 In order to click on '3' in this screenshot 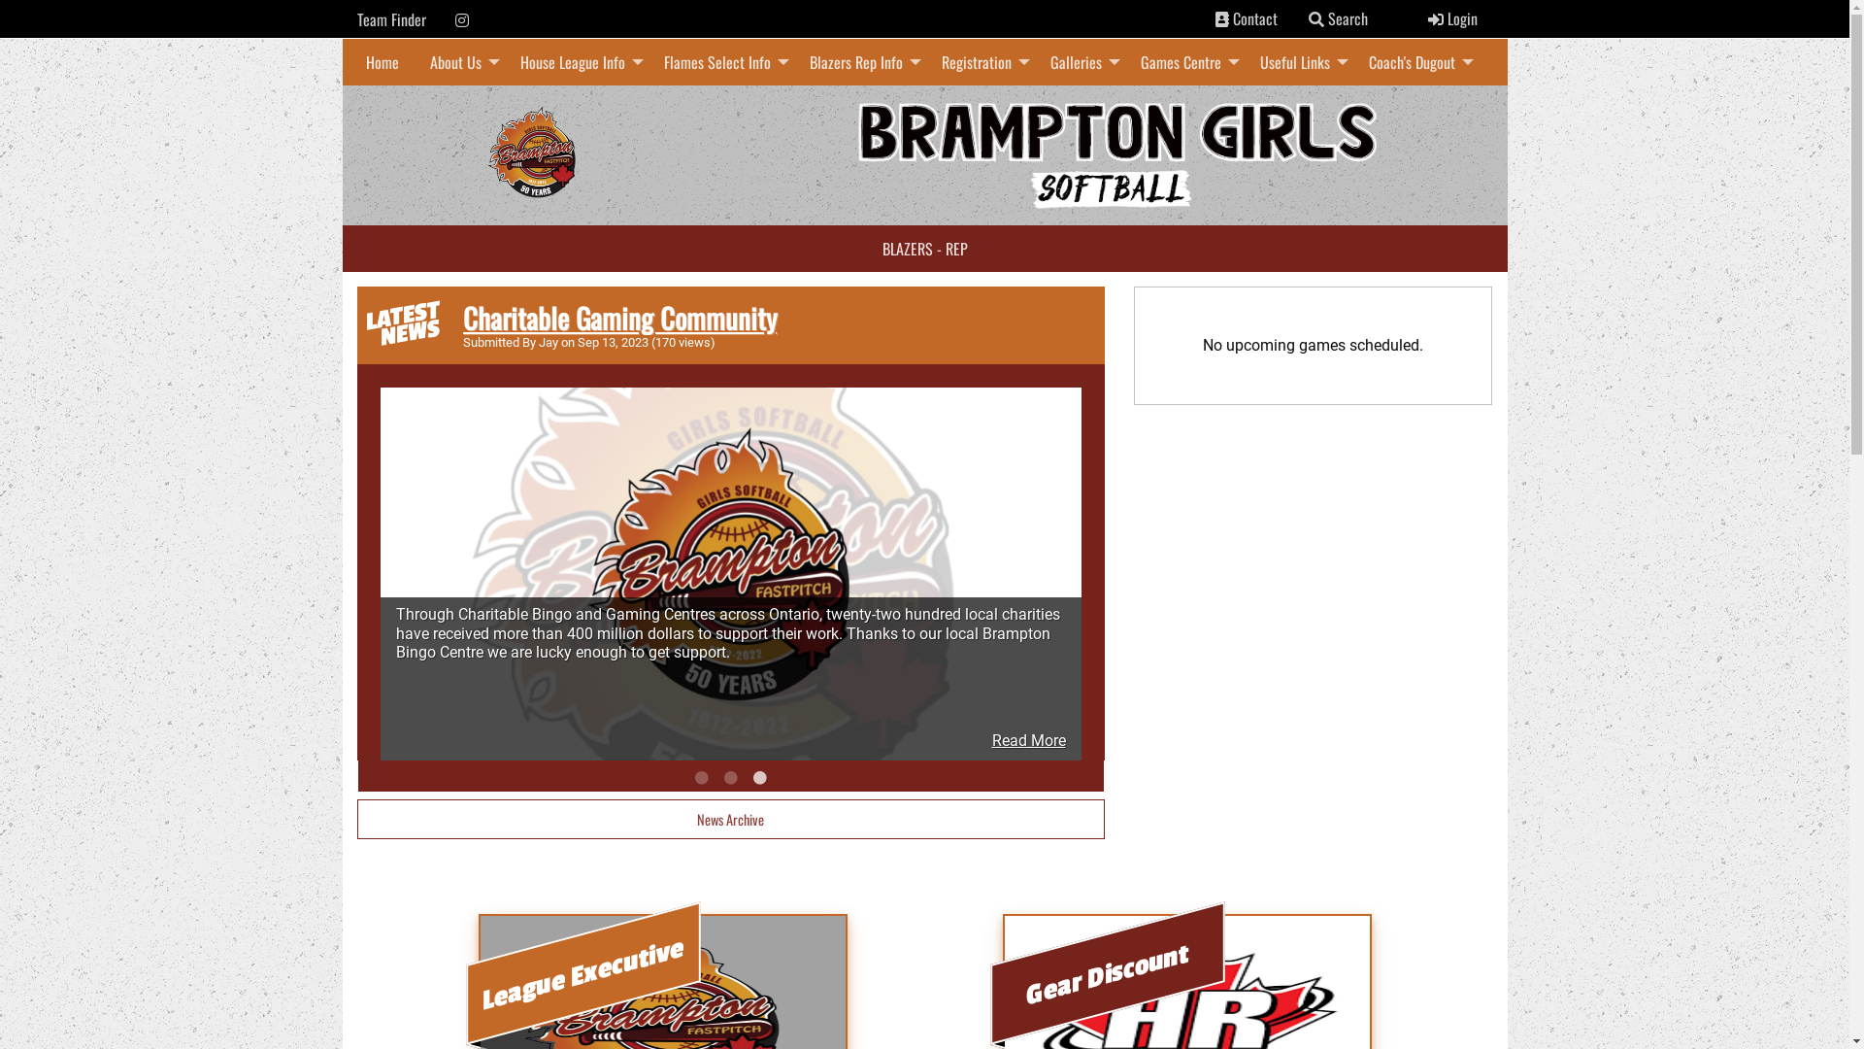, I will do `click(758, 777)`.